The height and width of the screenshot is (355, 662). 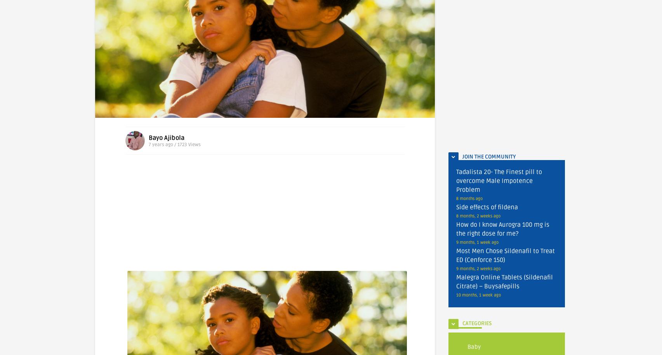 What do you see at coordinates (456, 255) in the screenshot?
I see `'Most Men Chose Sildenafil to Treat ED (Cenforce 150)'` at bounding box center [456, 255].